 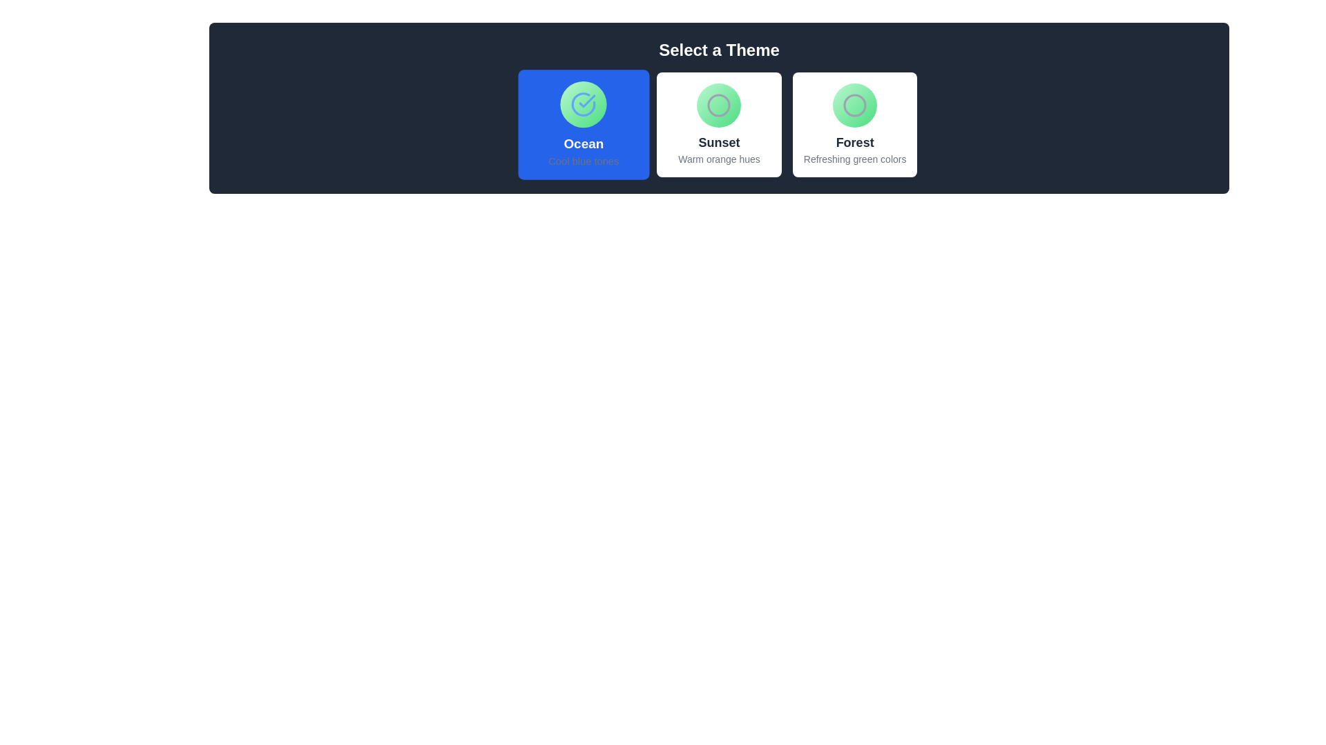 What do you see at coordinates (587, 100) in the screenshot?
I see `the graphical SVG checkmark icon with a blue stroke within the circular boundary, which signifies selection or confirmation in the Ocean theme` at bounding box center [587, 100].